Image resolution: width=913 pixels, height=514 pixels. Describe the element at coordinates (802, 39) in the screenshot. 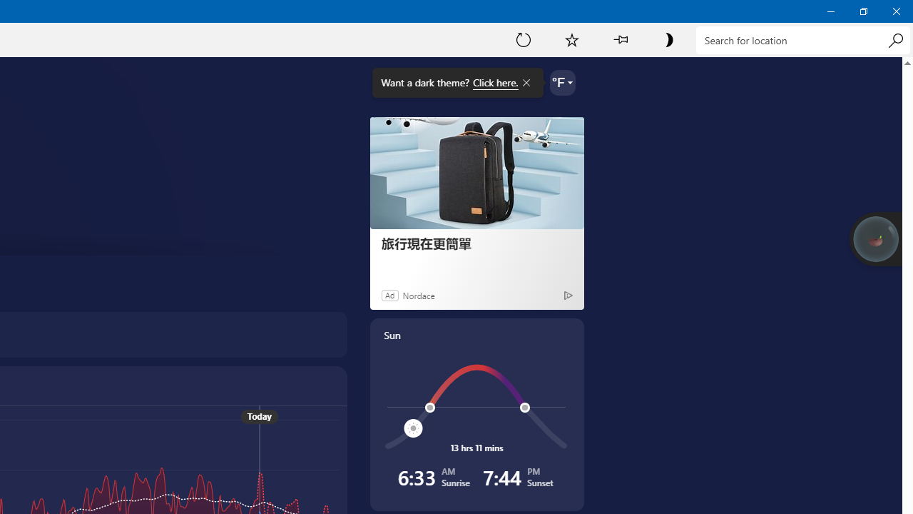

I see `'Search for location'` at that location.